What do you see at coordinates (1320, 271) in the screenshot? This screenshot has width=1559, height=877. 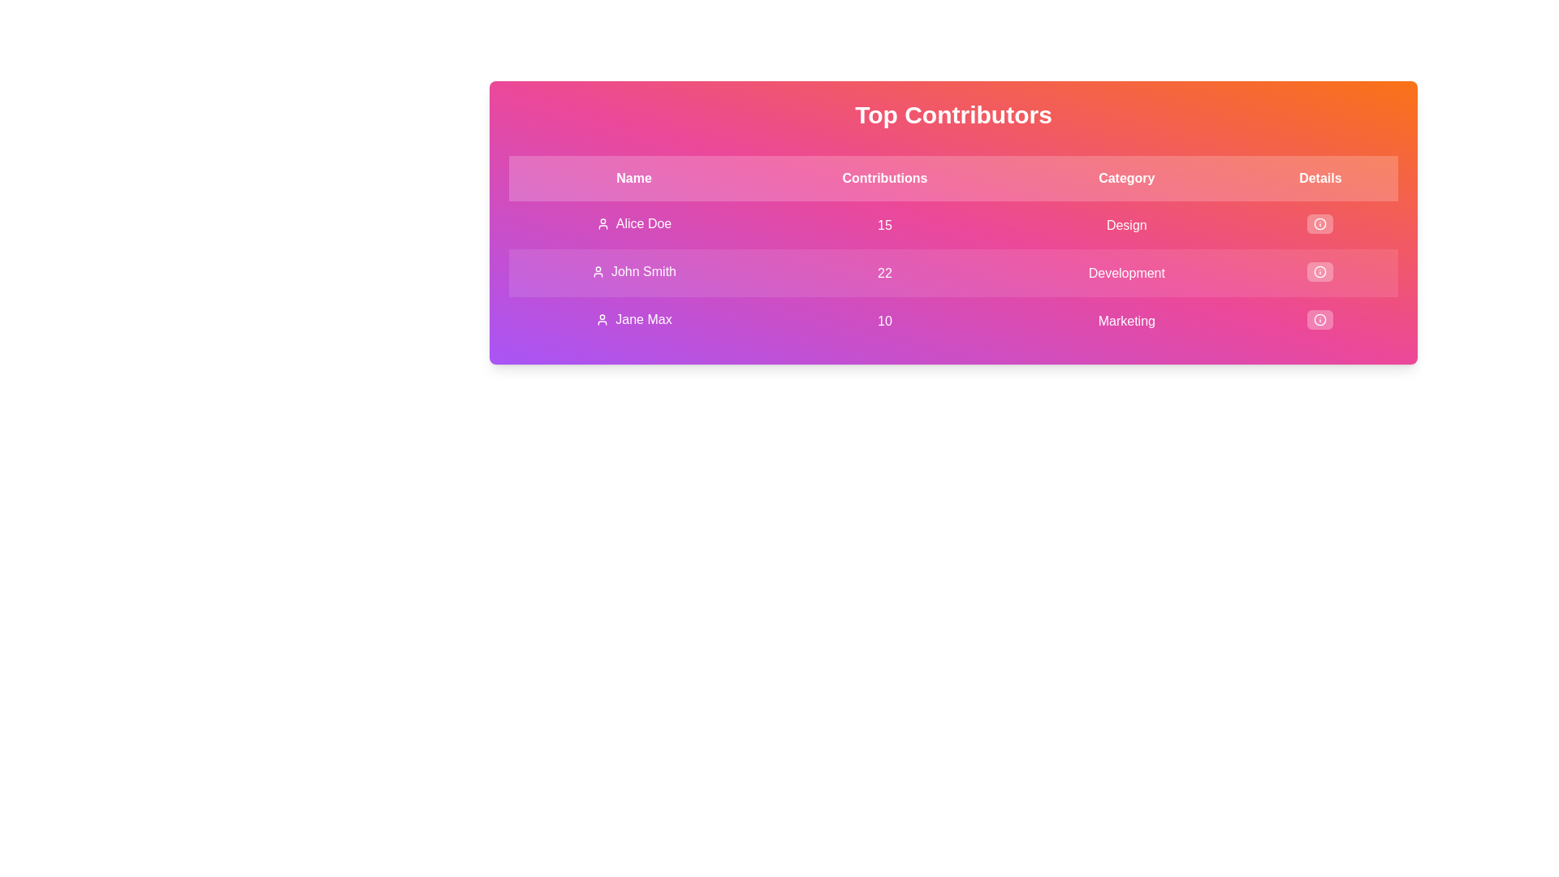 I see `the information button in the 'Details' column of the second row in the 'Top Contributors' table for keyboard navigation` at bounding box center [1320, 271].